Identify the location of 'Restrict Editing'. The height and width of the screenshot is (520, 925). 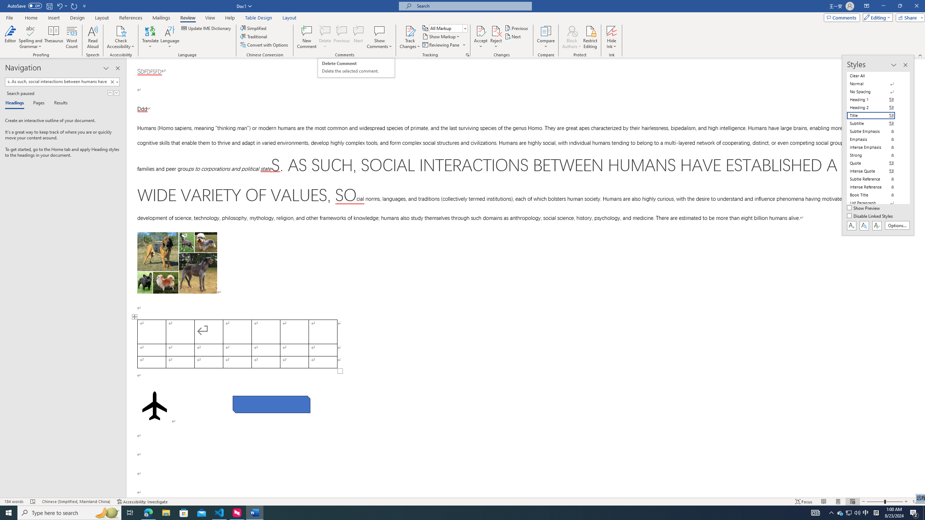
(590, 37).